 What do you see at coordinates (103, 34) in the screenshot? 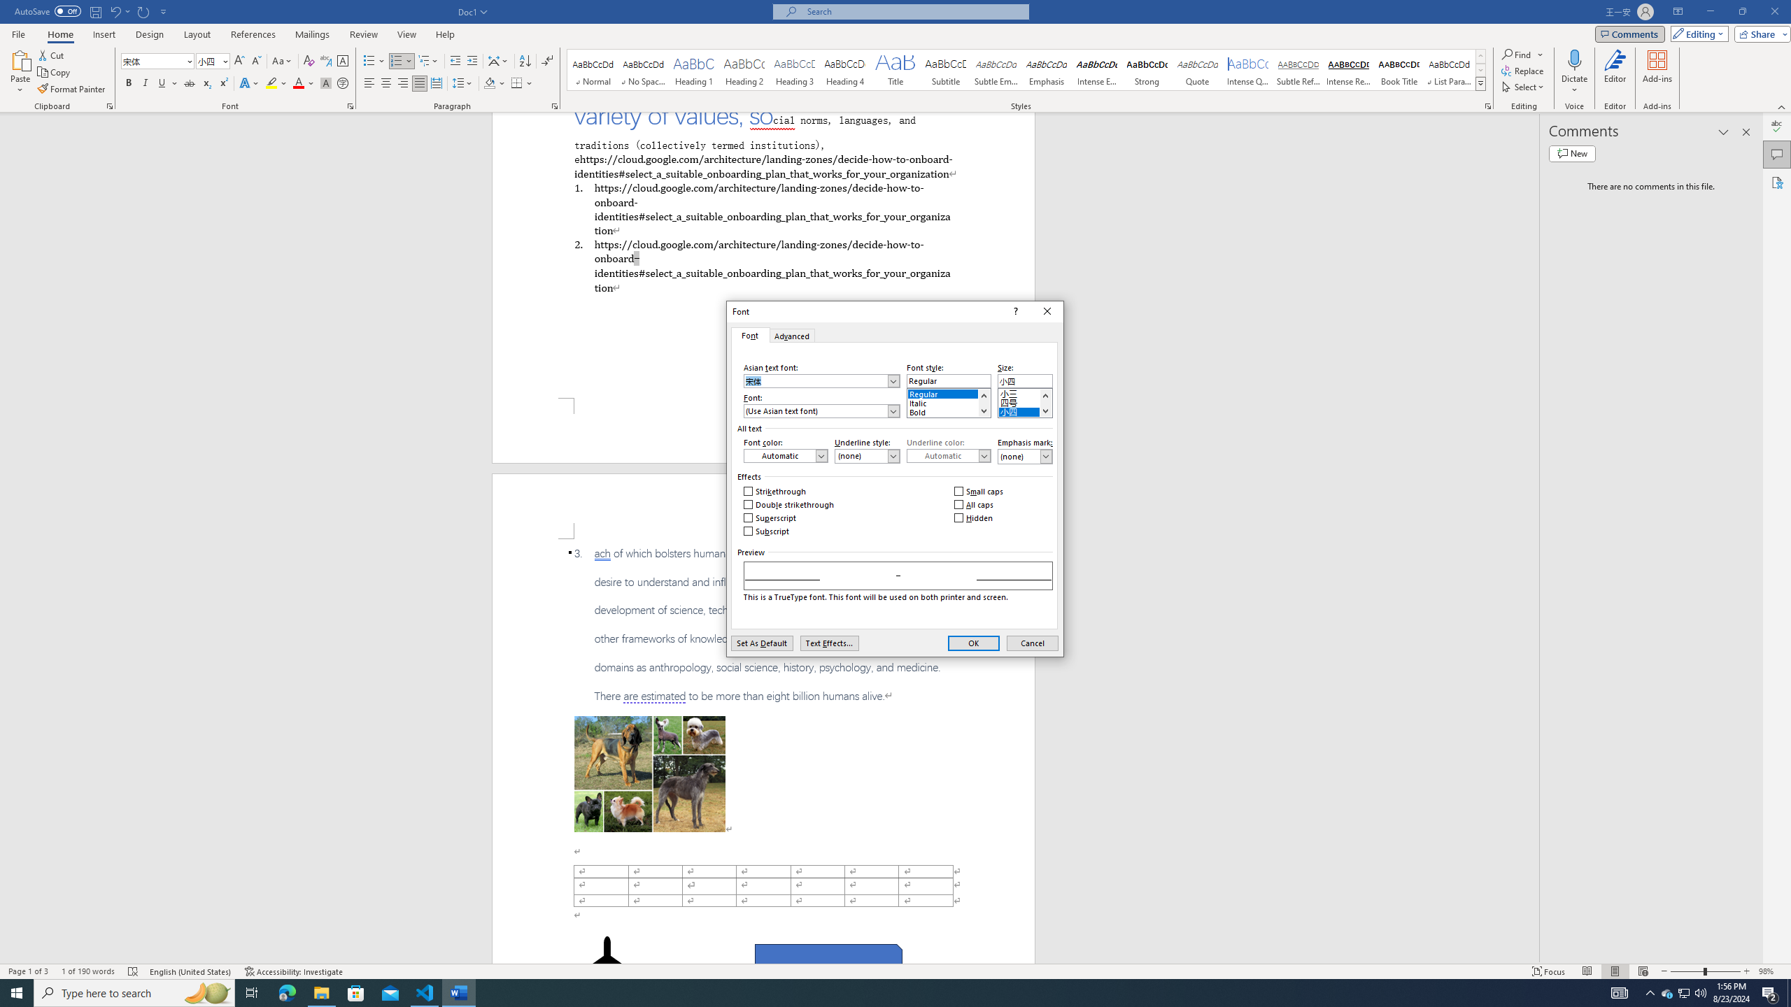
I see `'Insert'` at bounding box center [103, 34].